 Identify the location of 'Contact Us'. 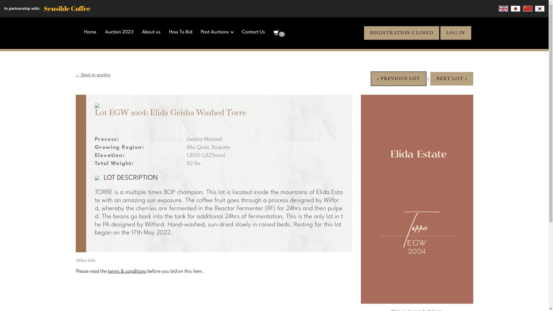
(253, 32).